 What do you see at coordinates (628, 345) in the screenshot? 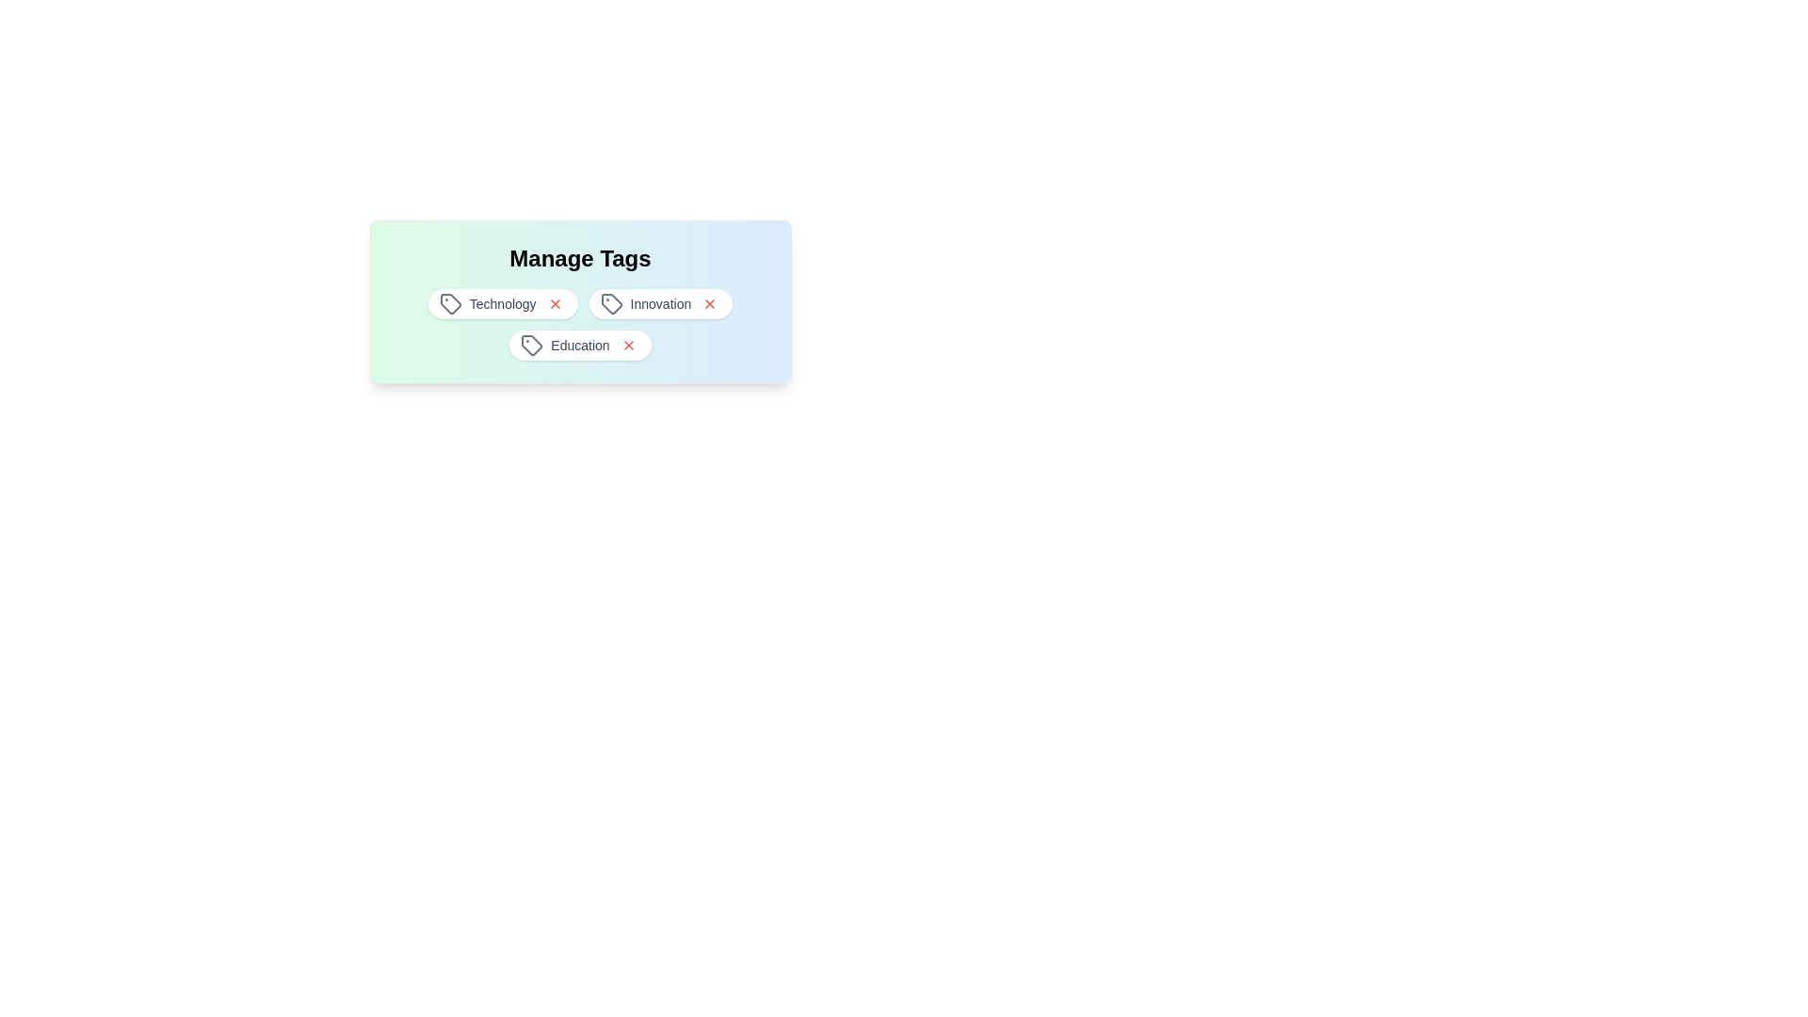
I see `the close button of the tag labeled Education to remove it` at bounding box center [628, 345].